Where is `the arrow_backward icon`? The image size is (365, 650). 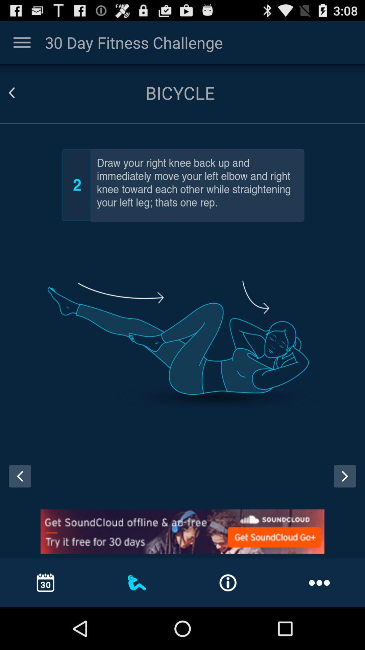
the arrow_backward icon is located at coordinates (20, 99).